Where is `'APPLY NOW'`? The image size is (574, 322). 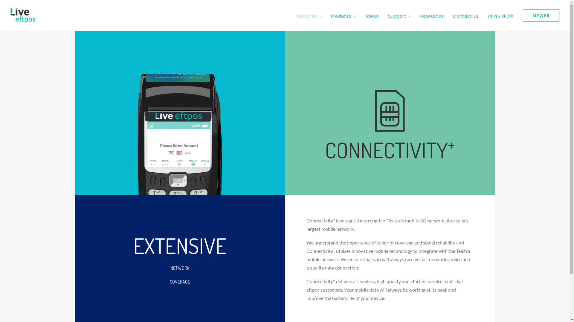 'APPLY NOW' is located at coordinates (500, 15).